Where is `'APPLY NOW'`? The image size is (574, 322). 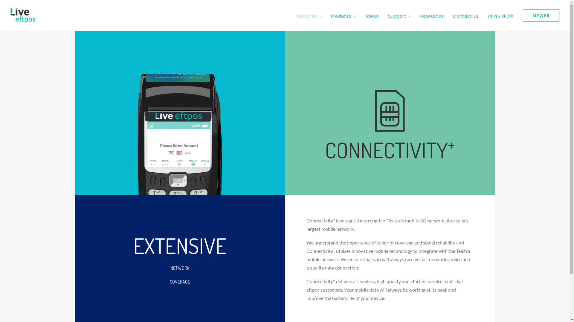 'APPLY NOW' is located at coordinates (500, 15).